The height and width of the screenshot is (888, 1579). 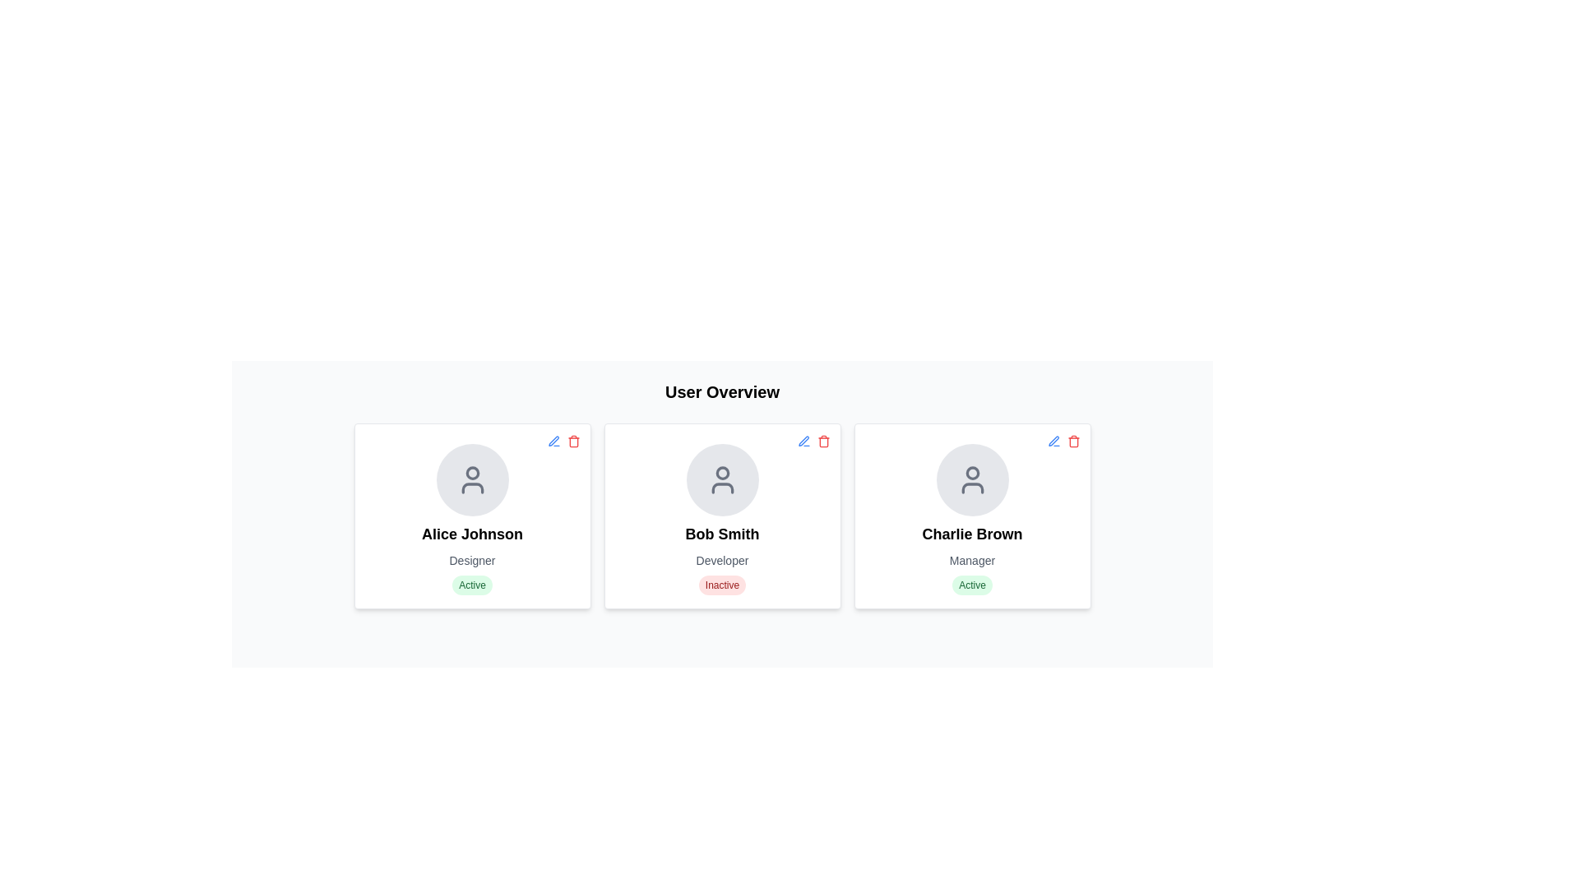 I want to click on text on the Status badge indicating the user's status, which is located at the bottom center of the card labeled 'Charlie Brown Manager', so click(x=972, y=585).